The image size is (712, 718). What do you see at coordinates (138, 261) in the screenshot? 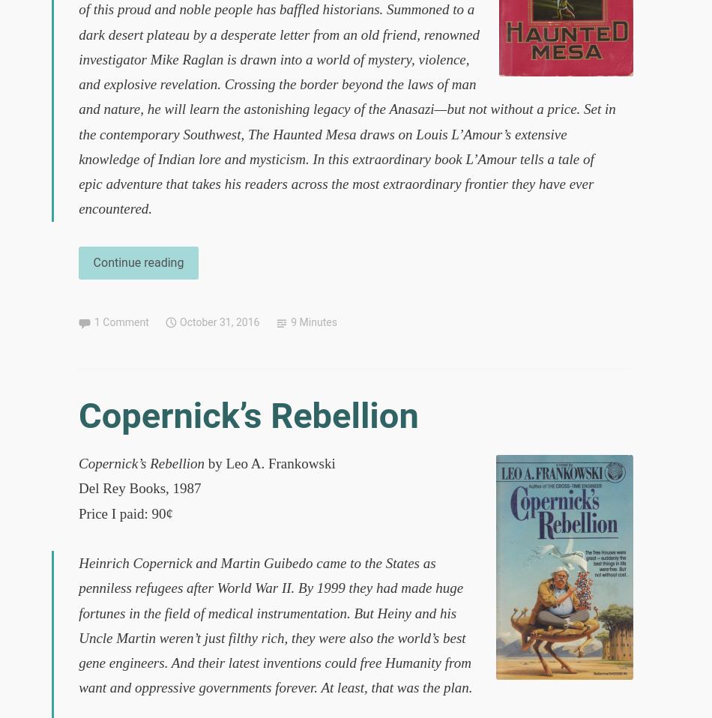
I see `'Continue reading'` at bounding box center [138, 261].